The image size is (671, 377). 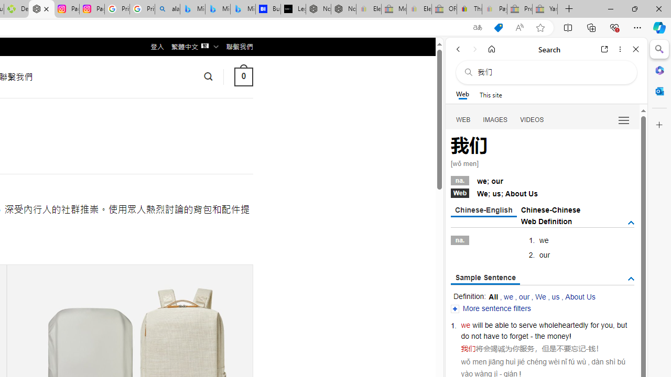 I want to click on 'Microsoft Bing Travel - Flights from Hong Kong to Bangkok', so click(x=192, y=9).